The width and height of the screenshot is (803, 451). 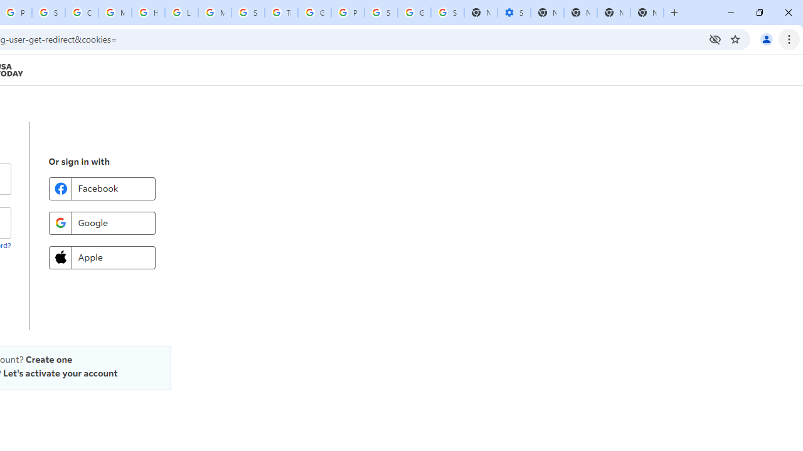 I want to click on 'New Tab', so click(x=647, y=13).